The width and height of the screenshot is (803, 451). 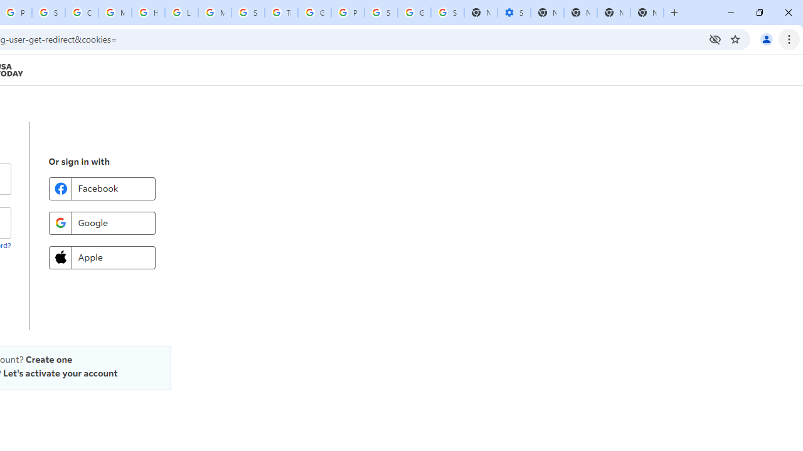 I want to click on 'New Tab', so click(x=647, y=13).